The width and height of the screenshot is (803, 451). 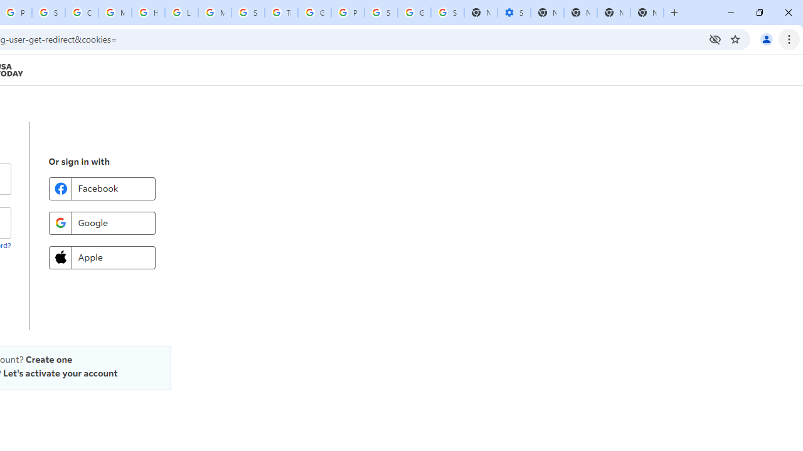 I want to click on 'New Tab', so click(x=647, y=13).